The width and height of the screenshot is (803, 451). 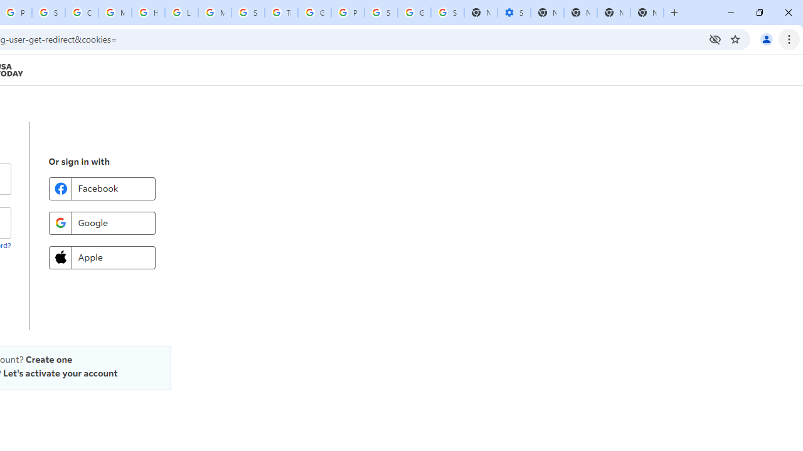 I want to click on 'New Tab', so click(x=647, y=13).